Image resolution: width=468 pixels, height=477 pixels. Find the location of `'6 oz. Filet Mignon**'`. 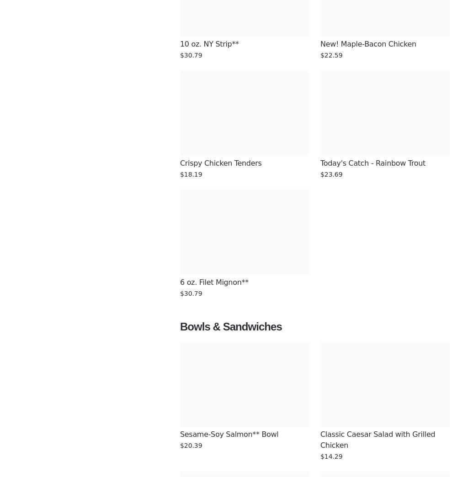

'6 oz. Filet Mignon**' is located at coordinates (214, 282).